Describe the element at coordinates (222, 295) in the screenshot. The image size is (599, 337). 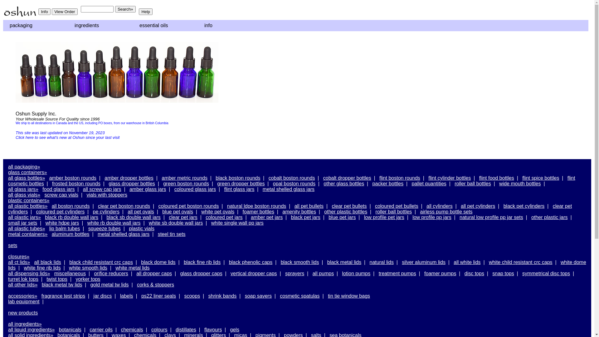
I see `'shrink bands'` at that location.